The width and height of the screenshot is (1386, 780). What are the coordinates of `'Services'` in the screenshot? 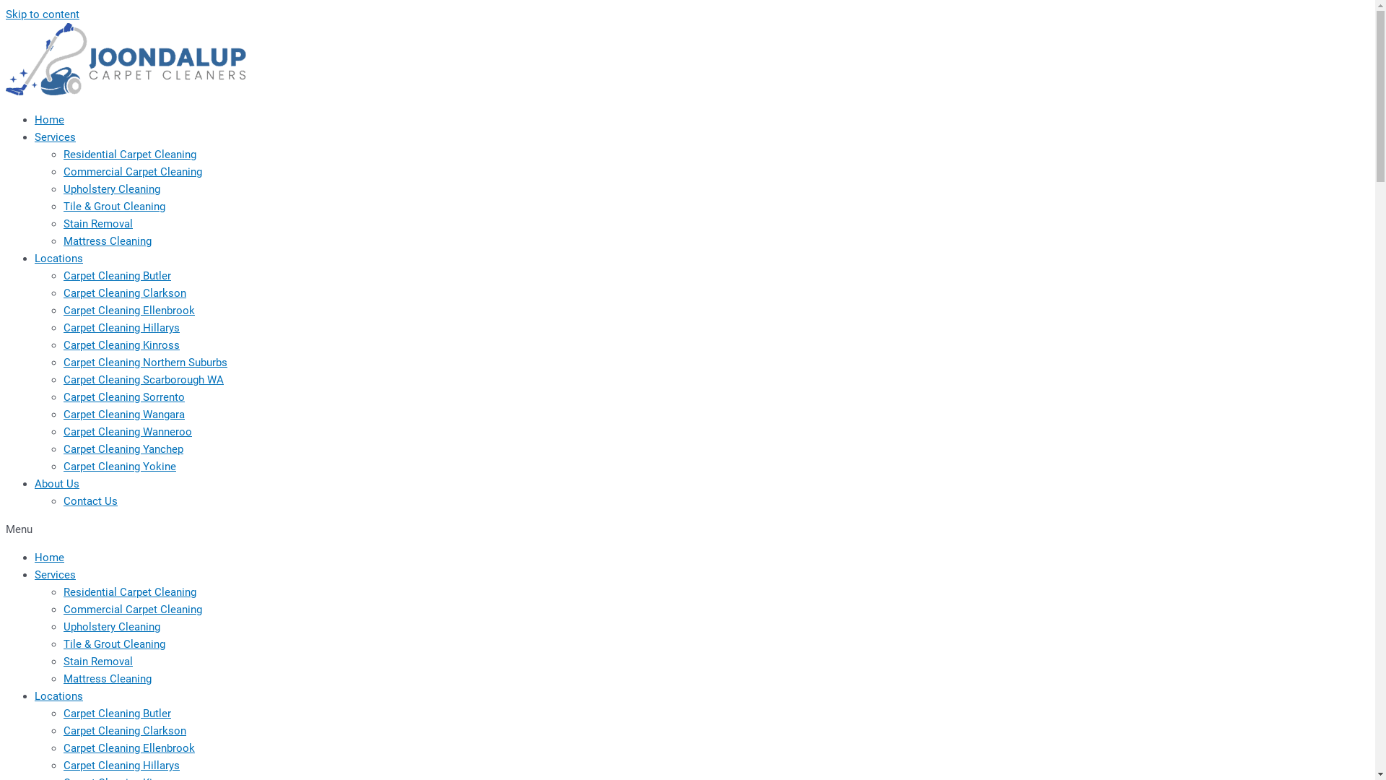 It's located at (55, 136).